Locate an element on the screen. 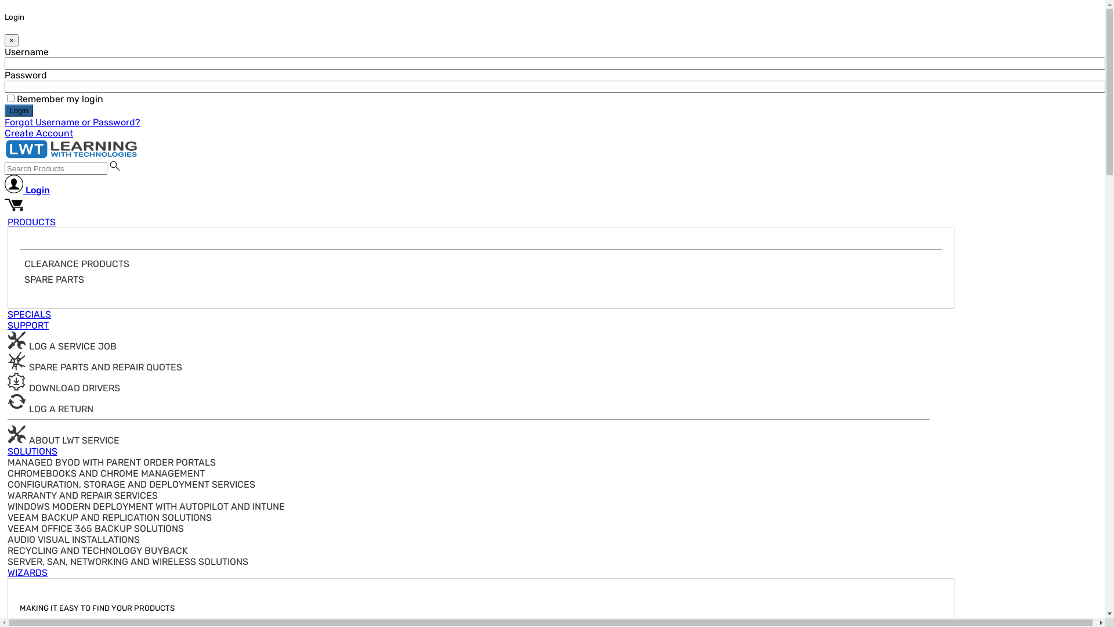 This screenshot has height=627, width=1114. 'WINDOWS MODERN DEPLOYMENT WITH AUTOPILOT AND INTUNE' is located at coordinates (146, 506).